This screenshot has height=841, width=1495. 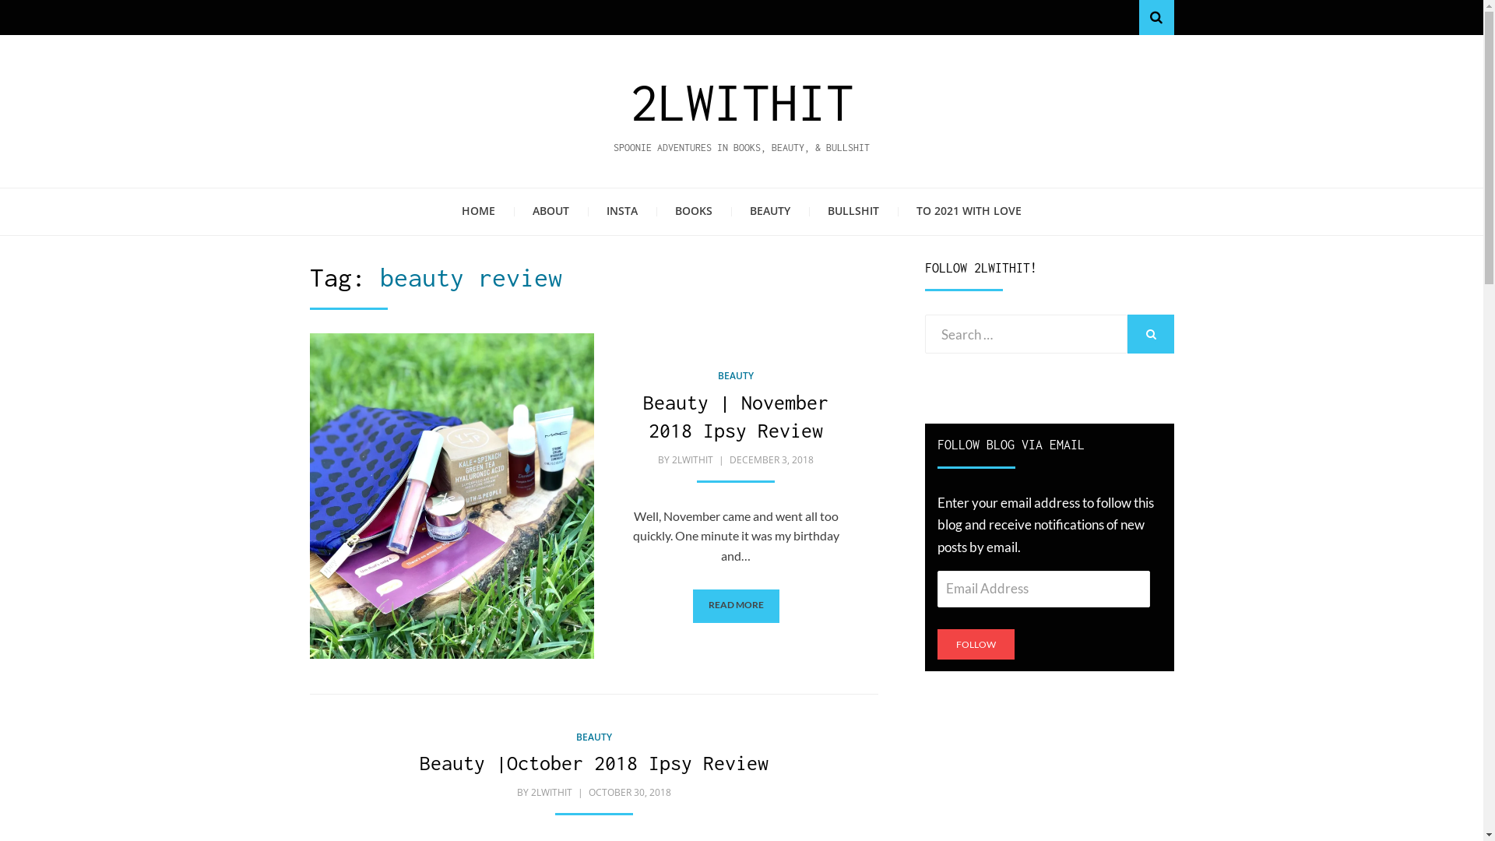 What do you see at coordinates (735, 605) in the screenshot?
I see `'READ MORE'` at bounding box center [735, 605].